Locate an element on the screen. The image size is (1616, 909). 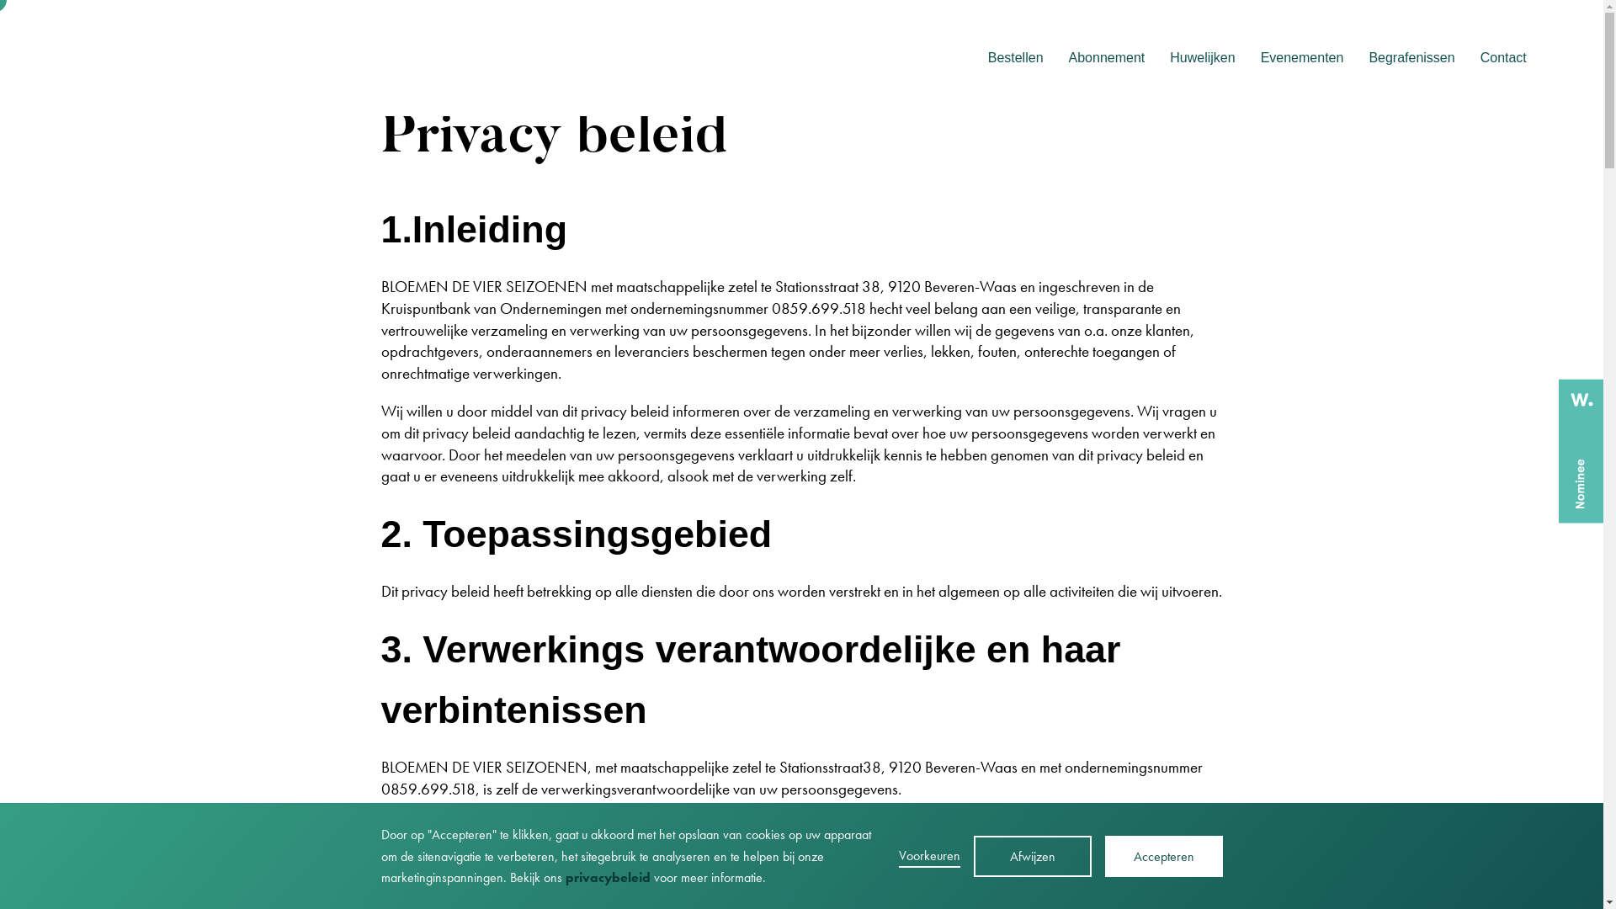
'Voorkeuren' is located at coordinates (928, 857).